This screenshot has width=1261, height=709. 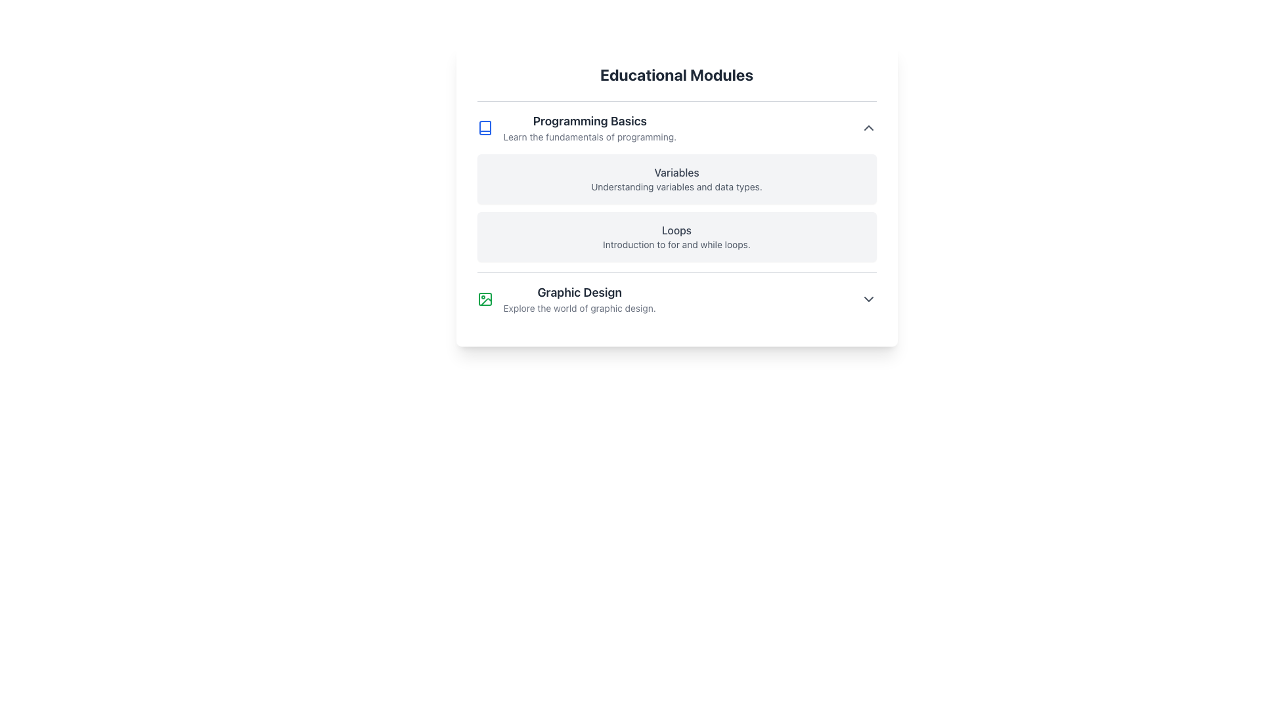 What do you see at coordinates (676, 237) in the screenshot?
I see `the Informational card about programming loops located beneath the 'Variables' card in the 'Programming Basics' section for potential copy or selection actions` at bounding box center [676, 237].